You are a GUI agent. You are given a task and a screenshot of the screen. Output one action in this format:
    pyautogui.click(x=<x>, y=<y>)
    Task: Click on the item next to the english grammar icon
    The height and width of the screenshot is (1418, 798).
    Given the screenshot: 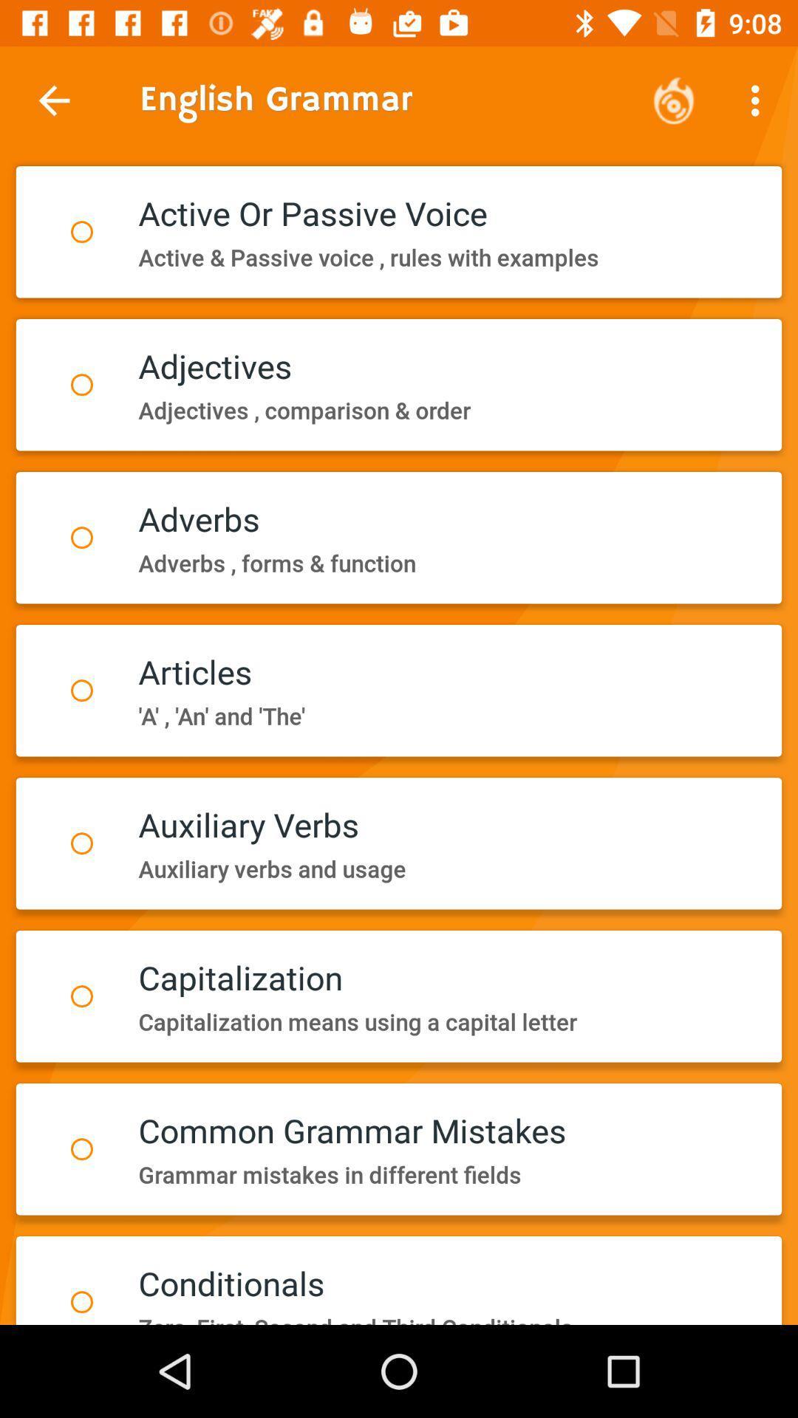 What is the action you would take?
    pyautogui.click(x=53, y=100)
    